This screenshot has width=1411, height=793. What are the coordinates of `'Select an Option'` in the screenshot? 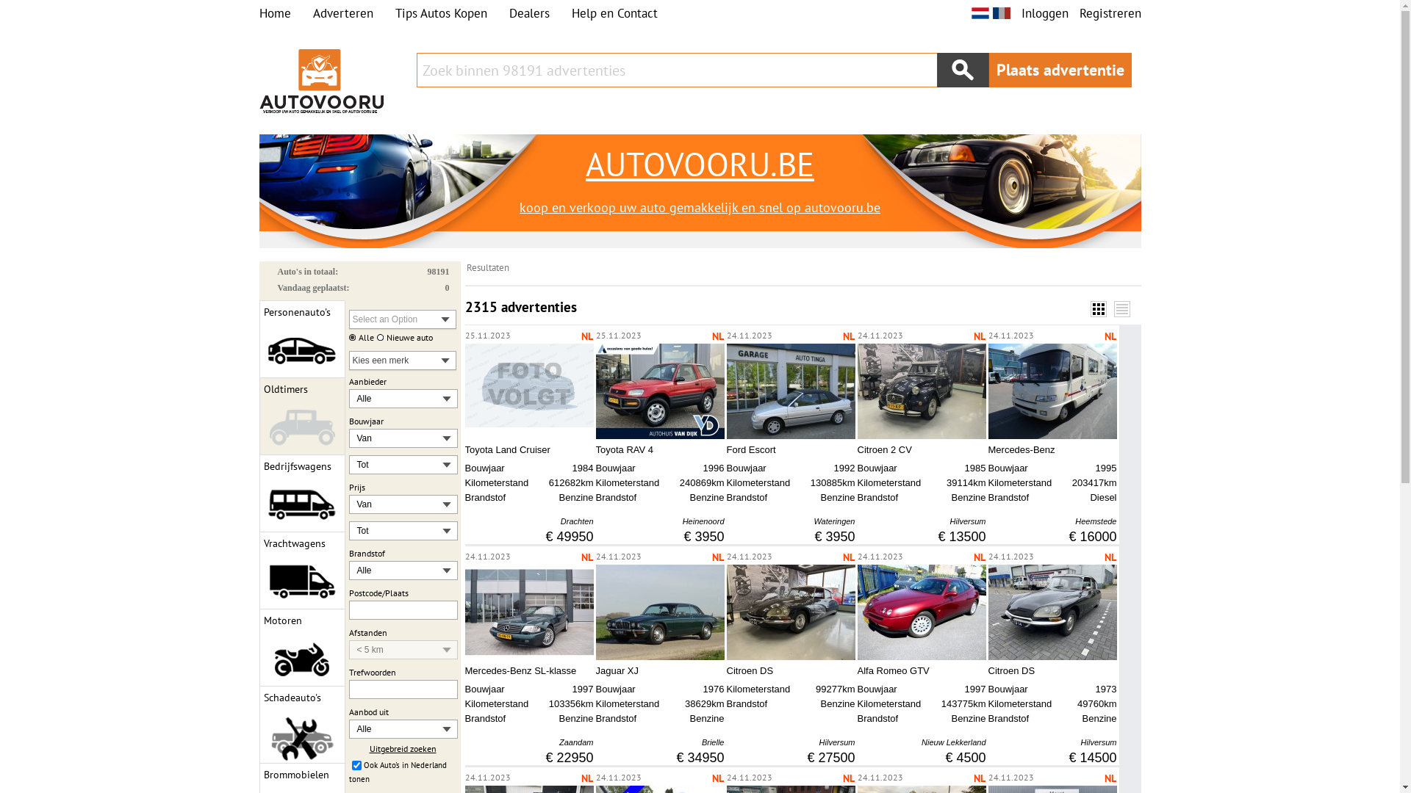 It's located at (402, 319).